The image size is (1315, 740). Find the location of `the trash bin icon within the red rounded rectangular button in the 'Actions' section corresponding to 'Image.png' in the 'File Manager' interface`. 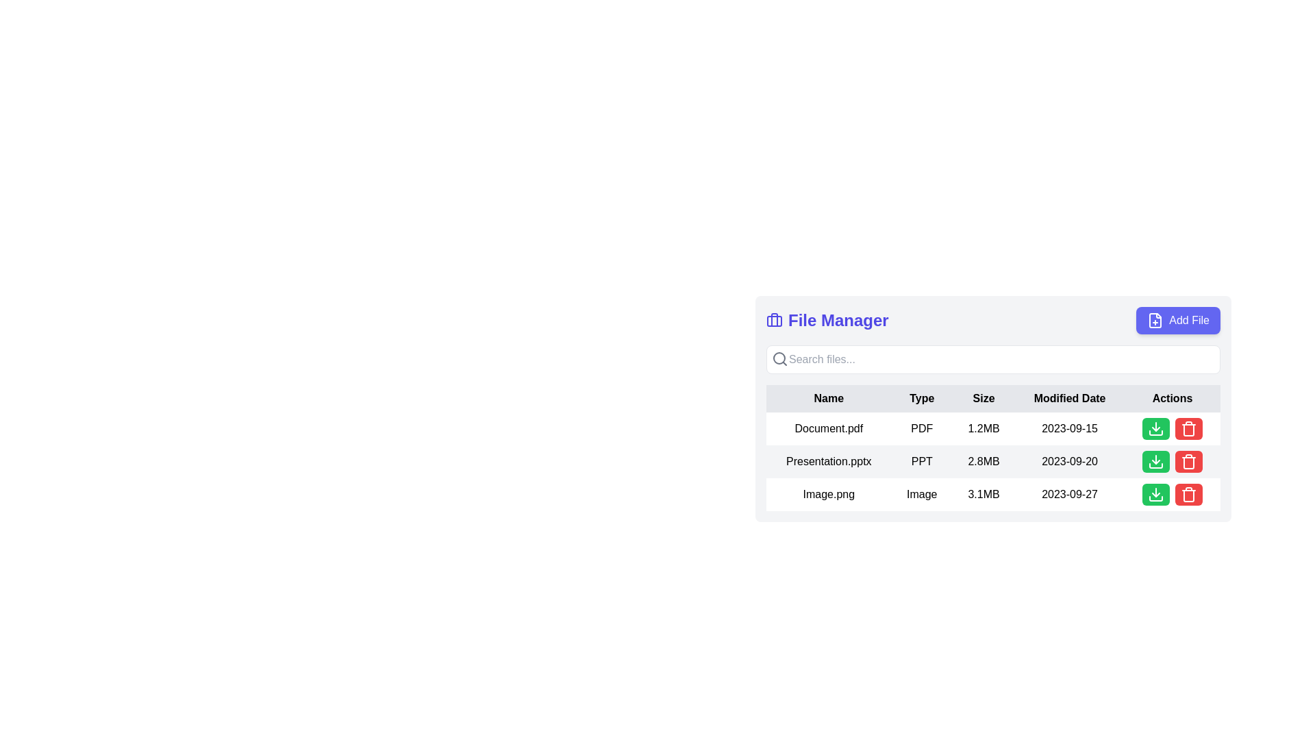

the trash bin icon within the red rounded rectangular button in the 'Actions' section corresponding to 'Image.png' in the 'File Manager' interface is located at coordinates (1188, 494).